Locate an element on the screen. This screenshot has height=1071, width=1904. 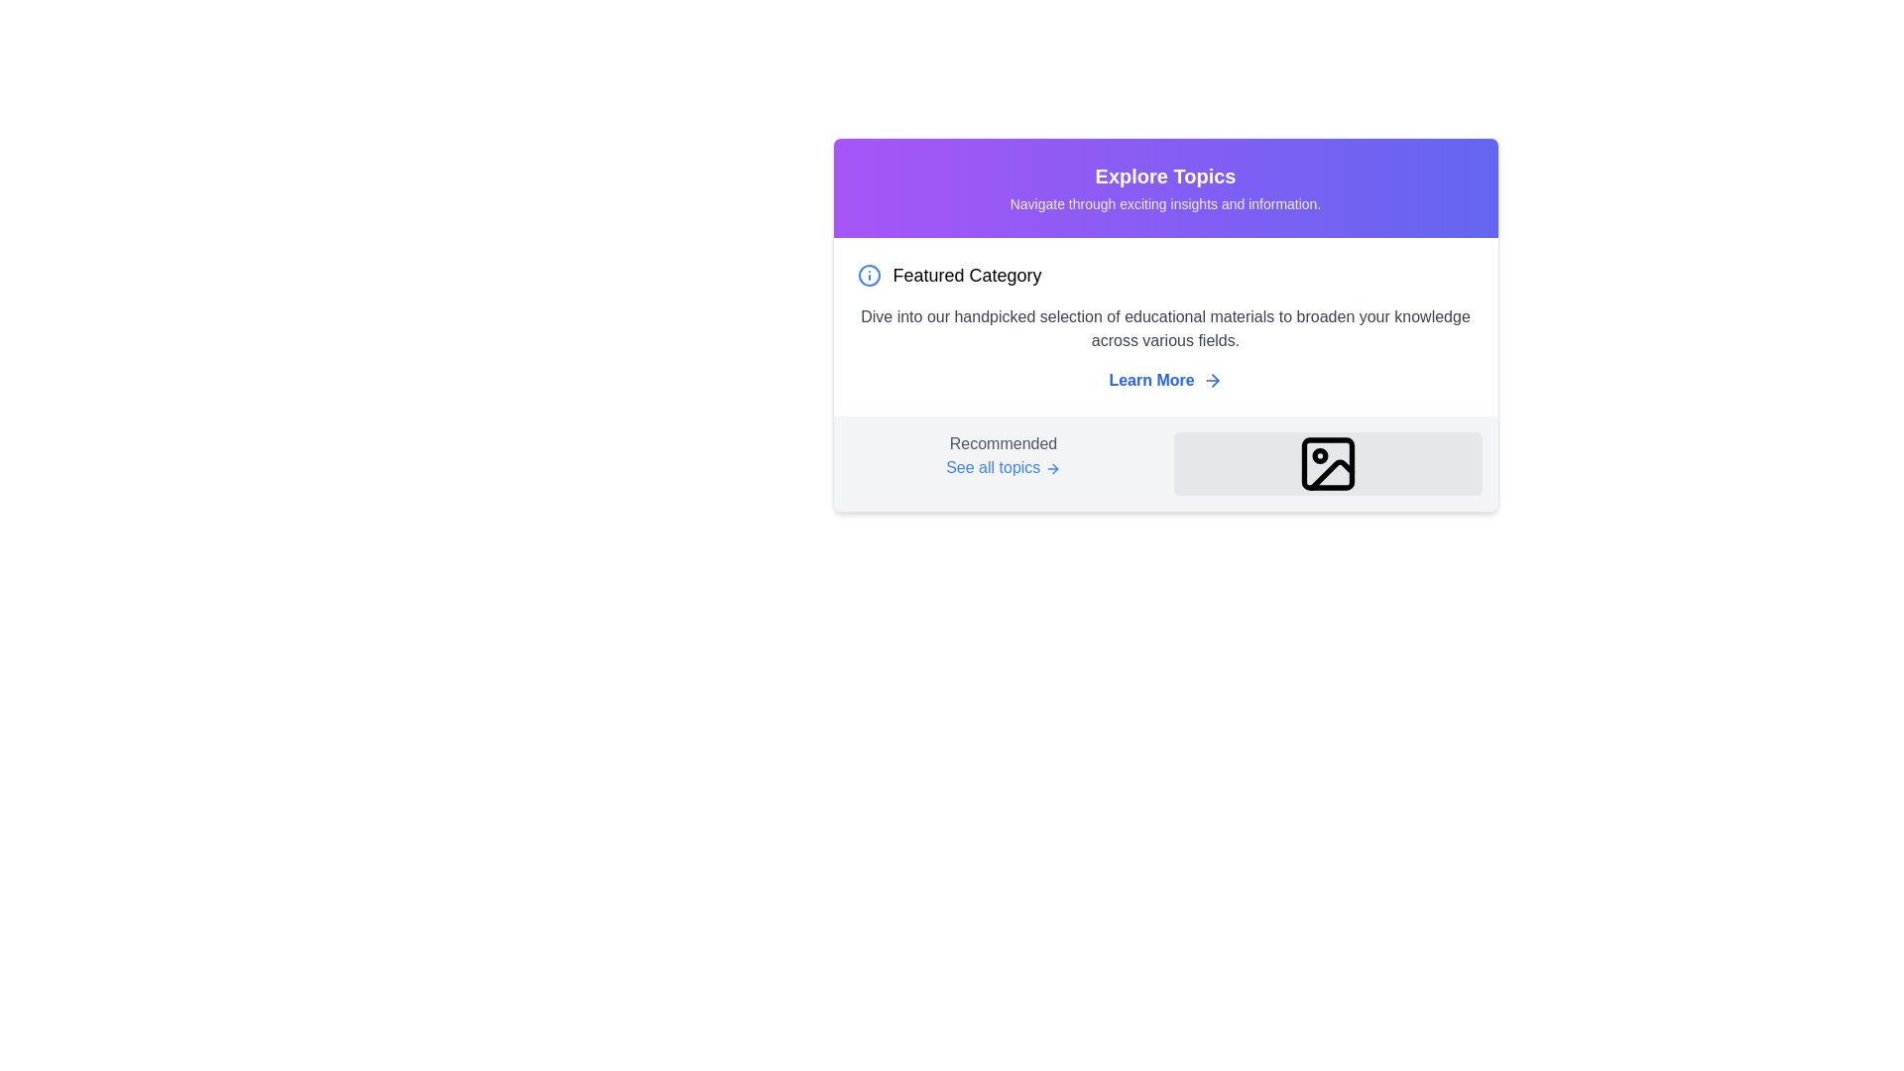
the 'See all topics' text with the right arrow icon is located at coordinates (1004, 463).